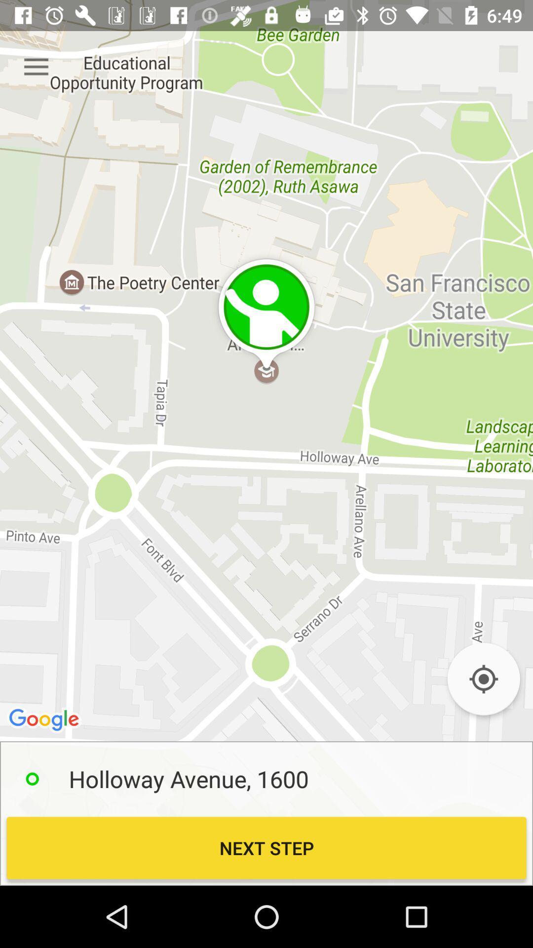  What do you see at coordinates (266, 847) in the screenshot?
I see `item below holloway avenue, 1600 item` at bounding box center [266, 847].